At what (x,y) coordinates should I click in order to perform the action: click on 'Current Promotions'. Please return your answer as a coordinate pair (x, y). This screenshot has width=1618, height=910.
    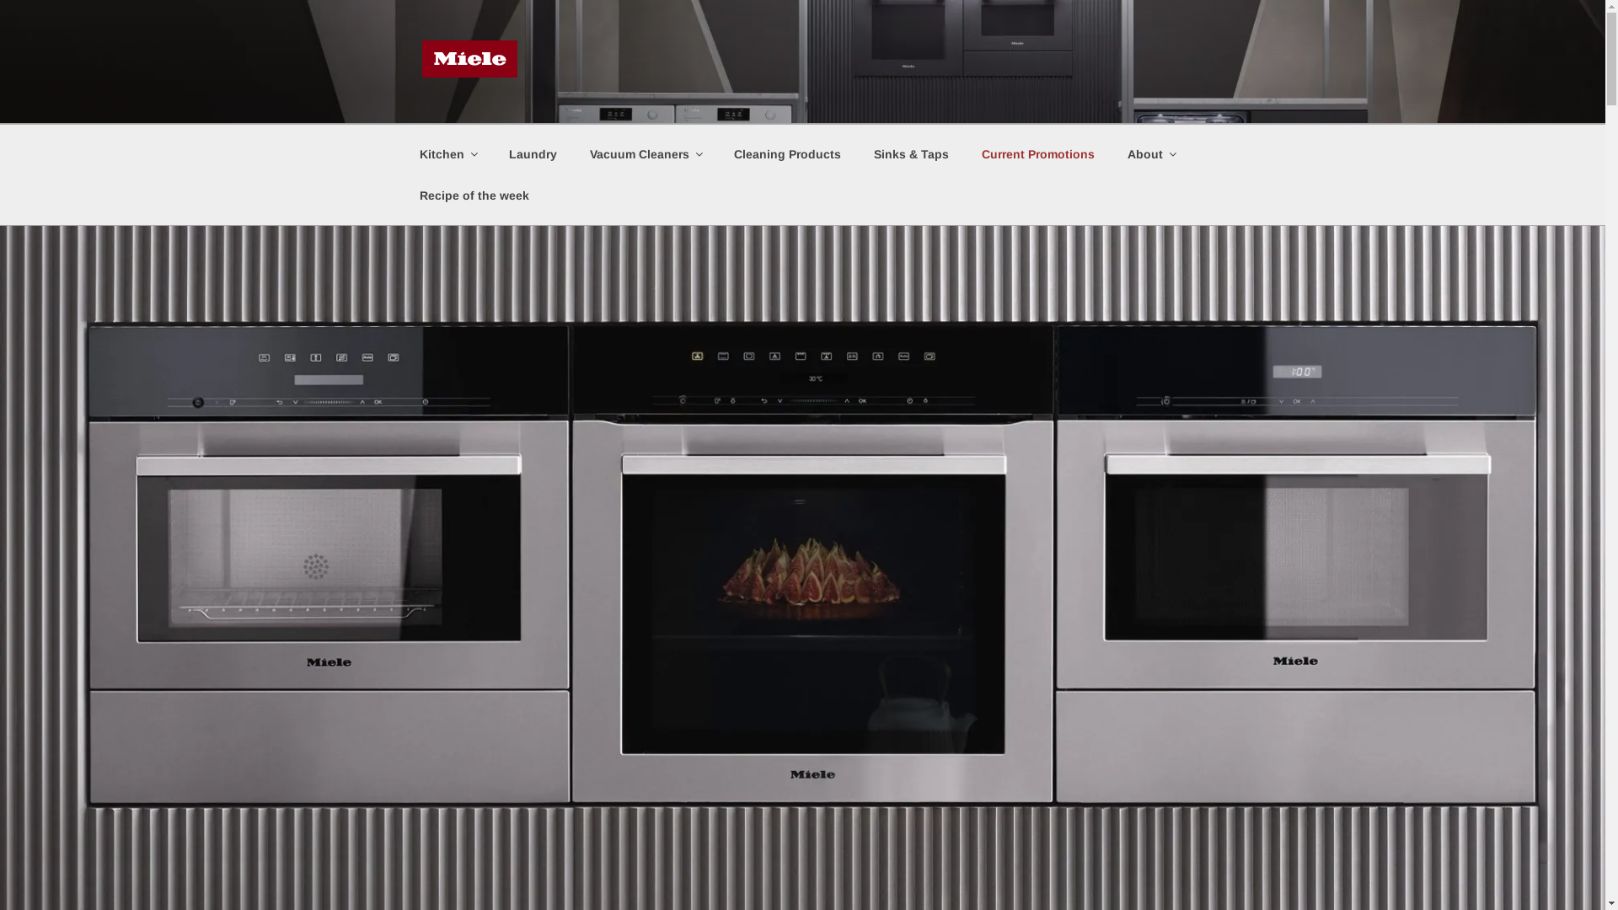
    Looking at the image, I should click on (1037, 153).